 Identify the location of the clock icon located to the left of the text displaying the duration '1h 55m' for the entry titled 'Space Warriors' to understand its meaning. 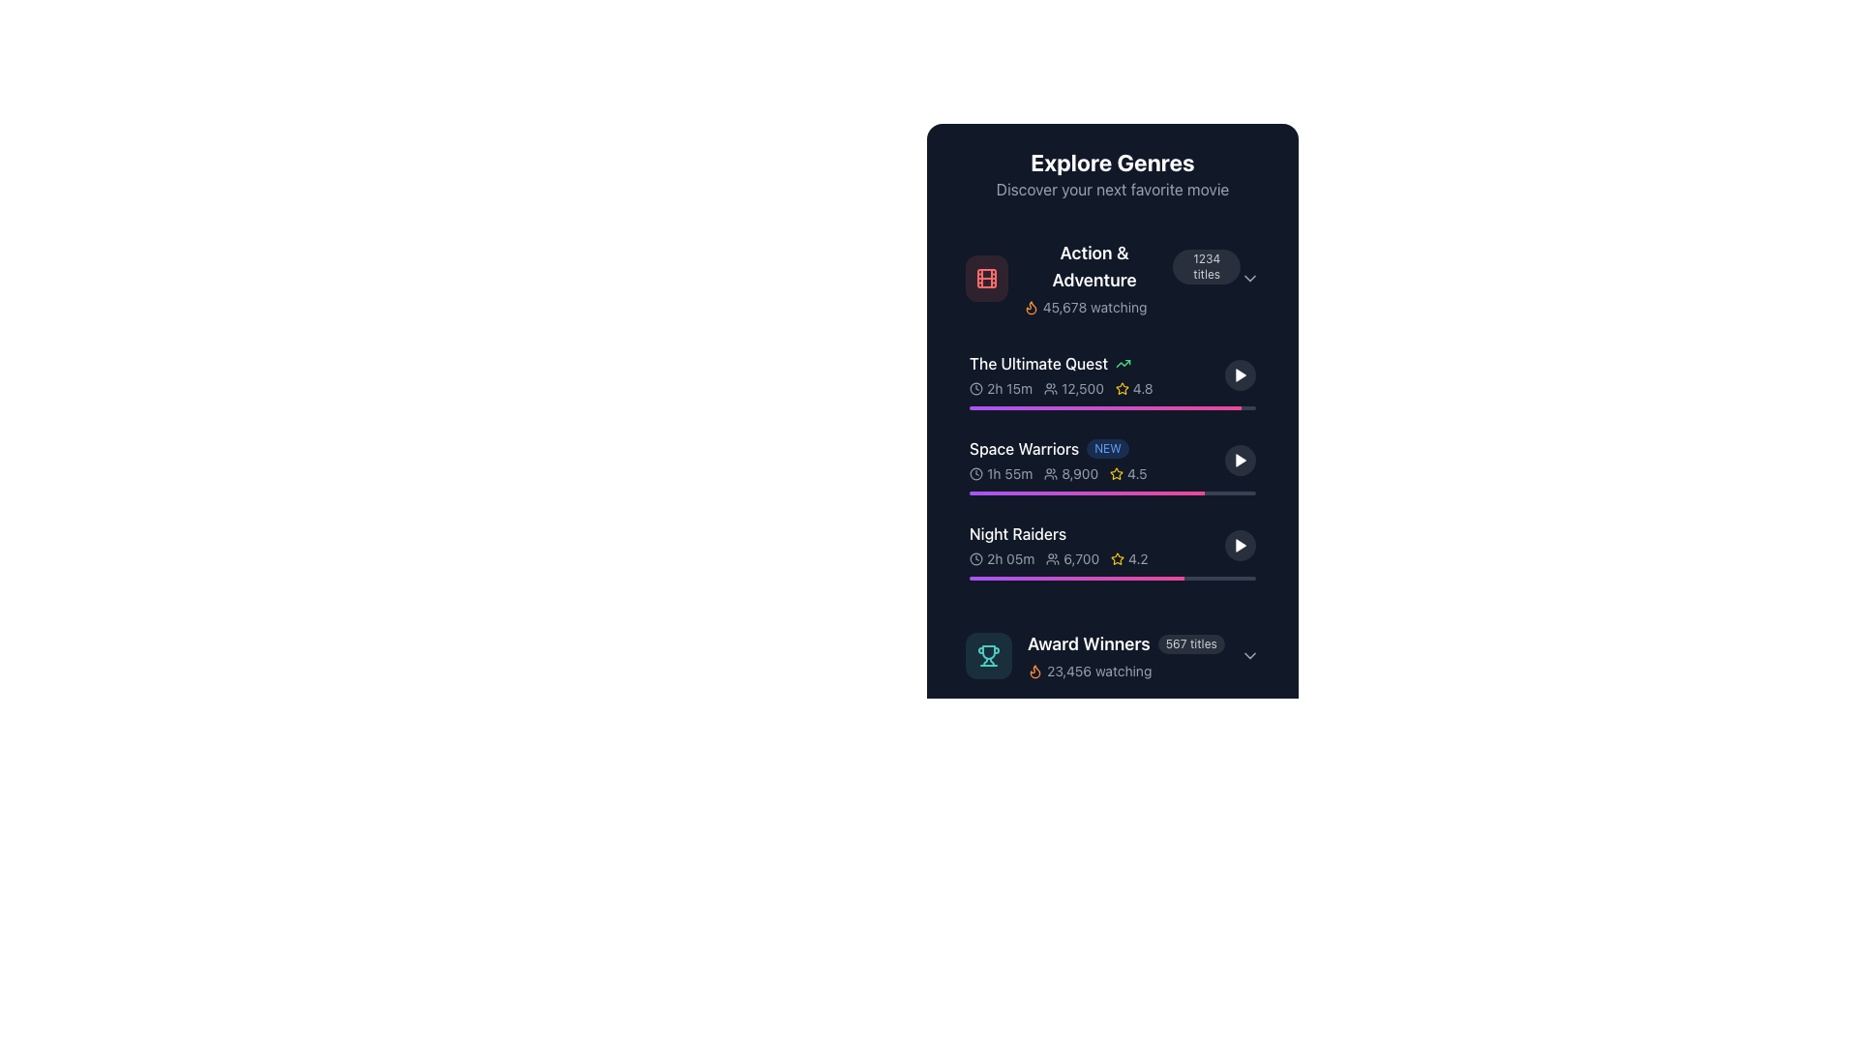
(975, 473).